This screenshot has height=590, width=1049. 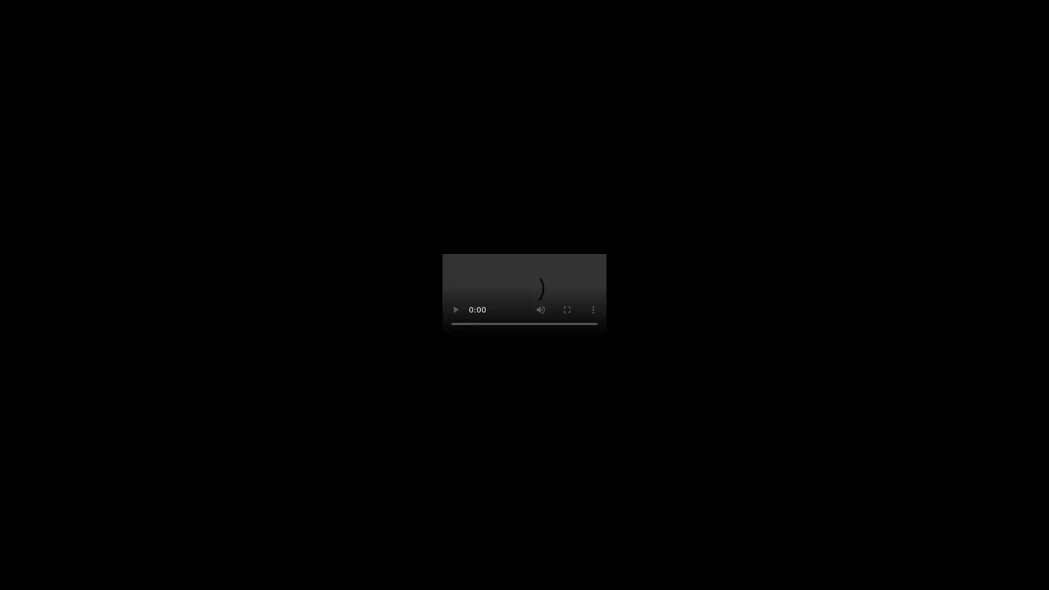 What do you see at coordinates (540, 310) in the screenshot?
I see `mute` at bounding box center [540, 310].